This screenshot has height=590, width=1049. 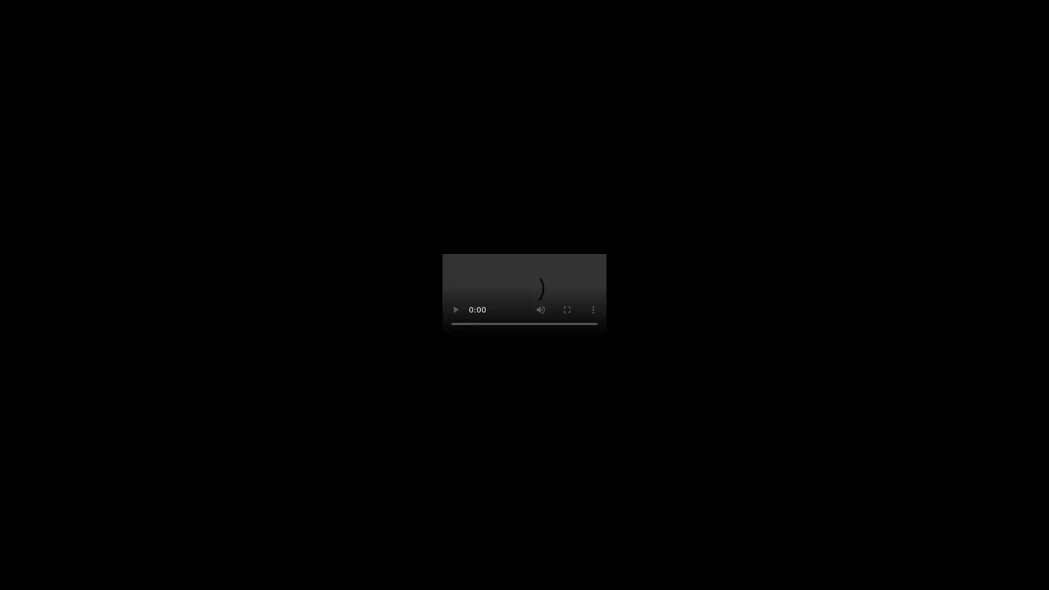 What do you see at coordinates (540, 310) in the screenshot?
I see `mute` at bounding box center [540, 310].